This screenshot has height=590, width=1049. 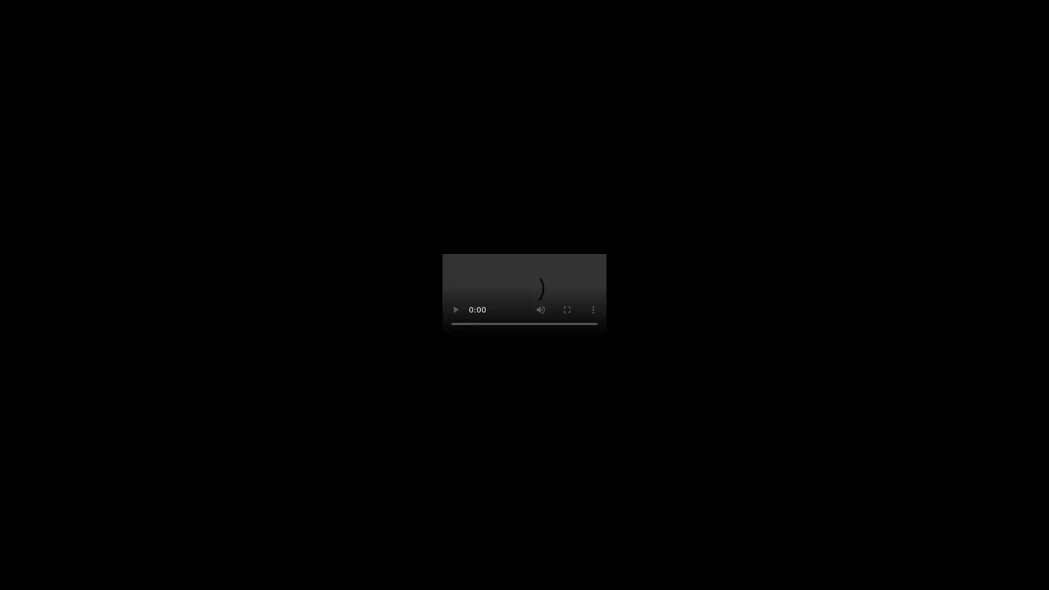 What do you see at coordinates (540, 310) in the screenshot?
I see `mute` at bounding box center [540, 310].